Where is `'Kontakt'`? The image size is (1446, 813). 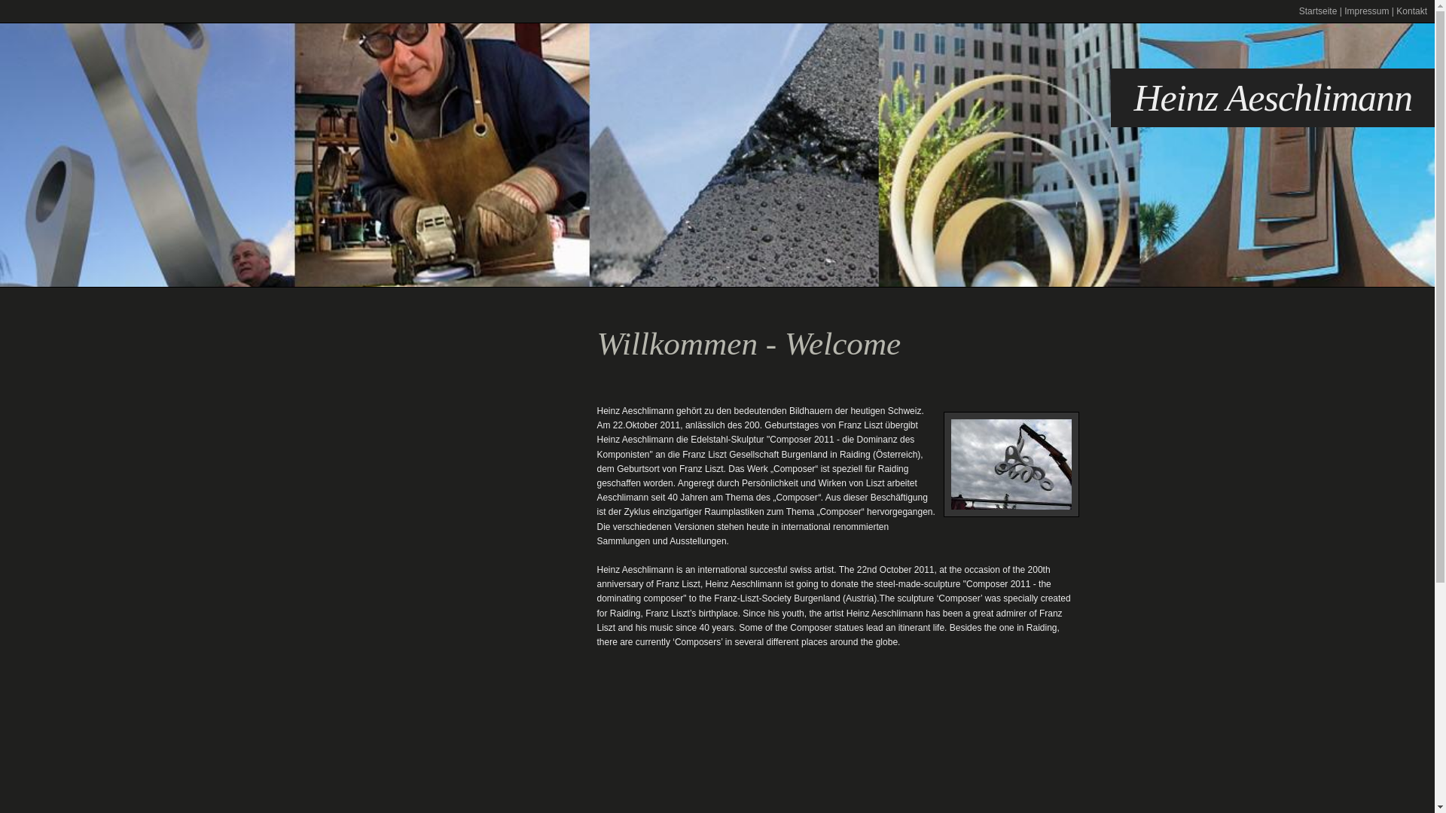
'Kontakt' is located at coordinates (1411, 11).